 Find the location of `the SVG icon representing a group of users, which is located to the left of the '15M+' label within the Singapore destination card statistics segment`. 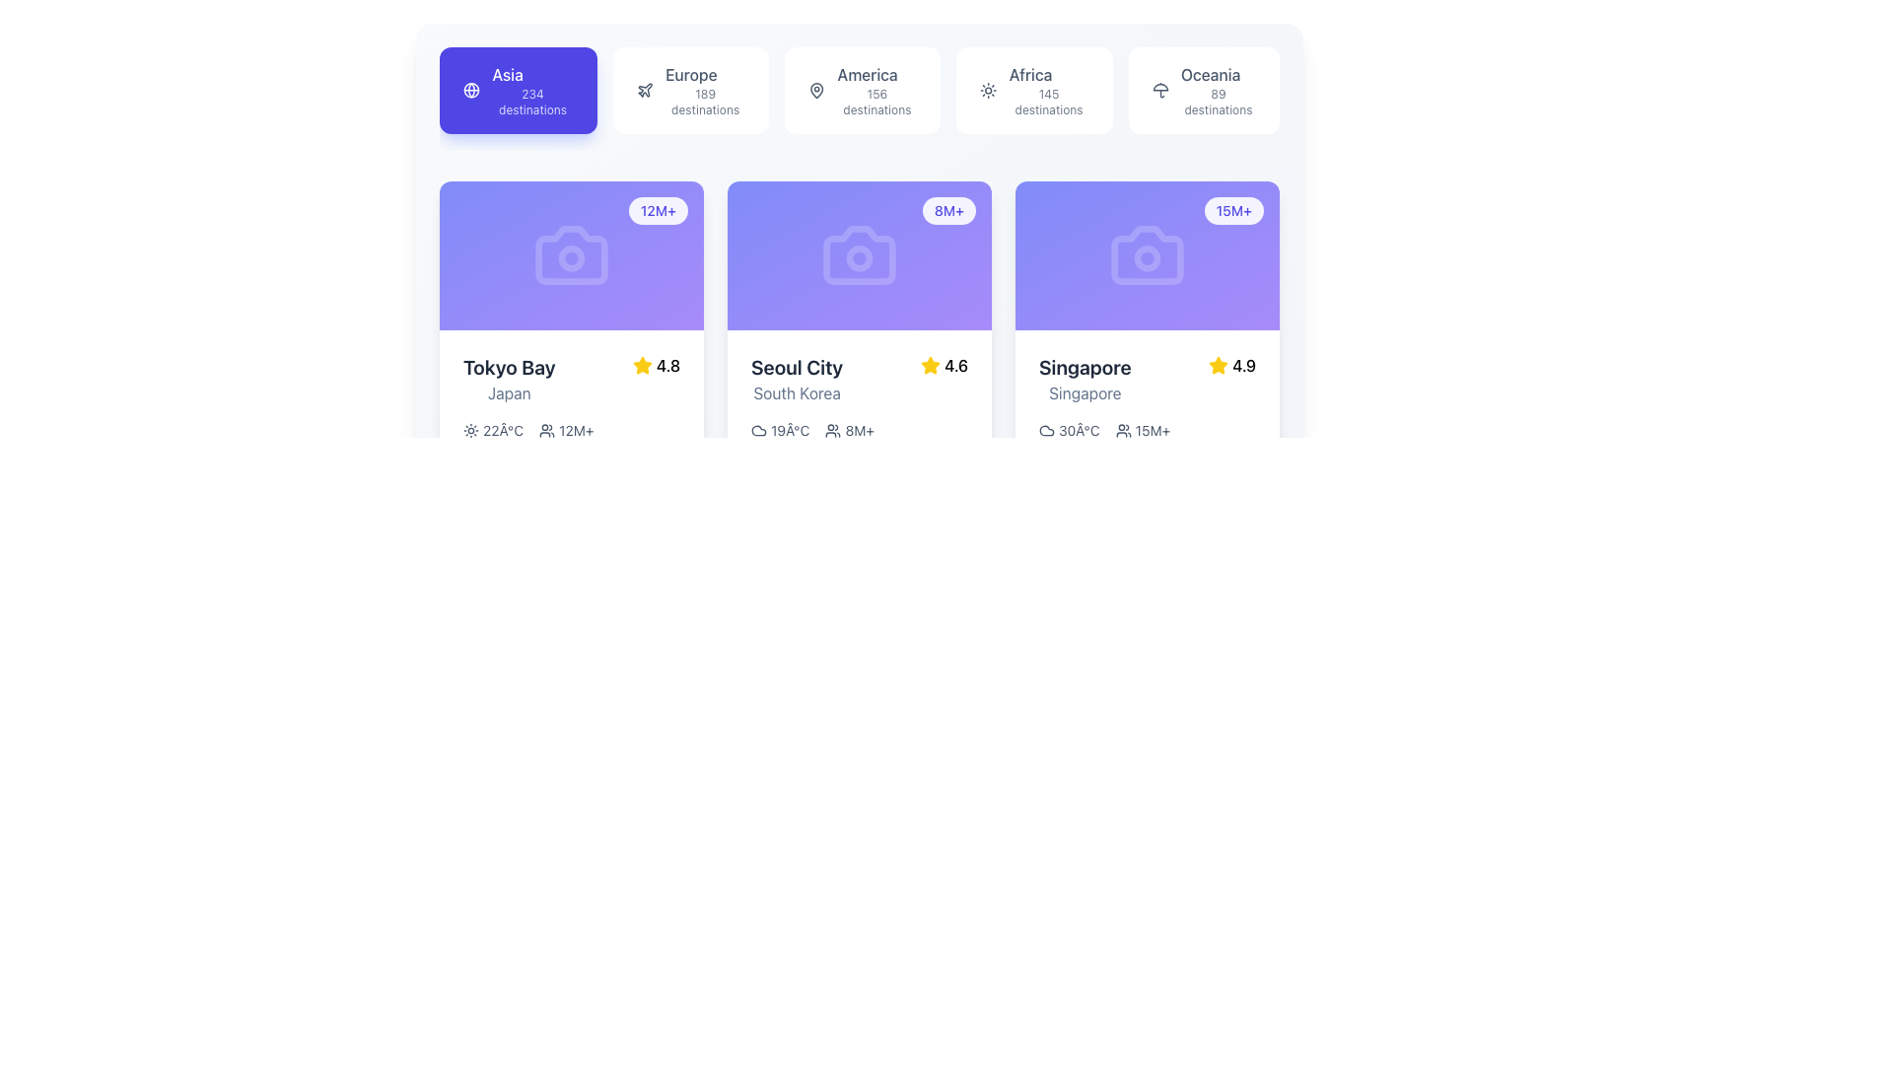

the SVG icon representing a group of users, which is located to the left of the '15M+' label within the Singapore destination card statistics segment is located at coordinates (1123, 429).